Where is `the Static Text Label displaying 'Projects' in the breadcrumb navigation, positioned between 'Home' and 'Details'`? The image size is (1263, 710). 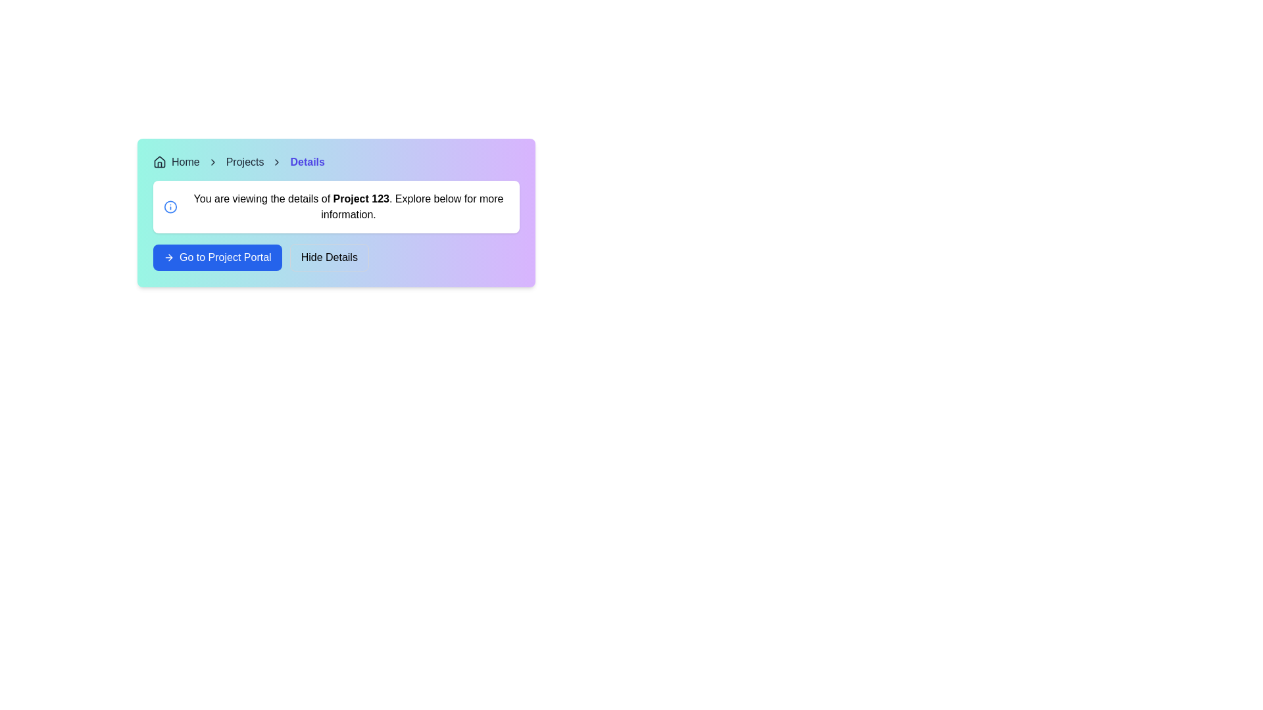 the Static Text Label displaying 'Projects' in the breadcrumb navigation, positioned between 'Home' and 'Details' is located at coordinates (245, 161).